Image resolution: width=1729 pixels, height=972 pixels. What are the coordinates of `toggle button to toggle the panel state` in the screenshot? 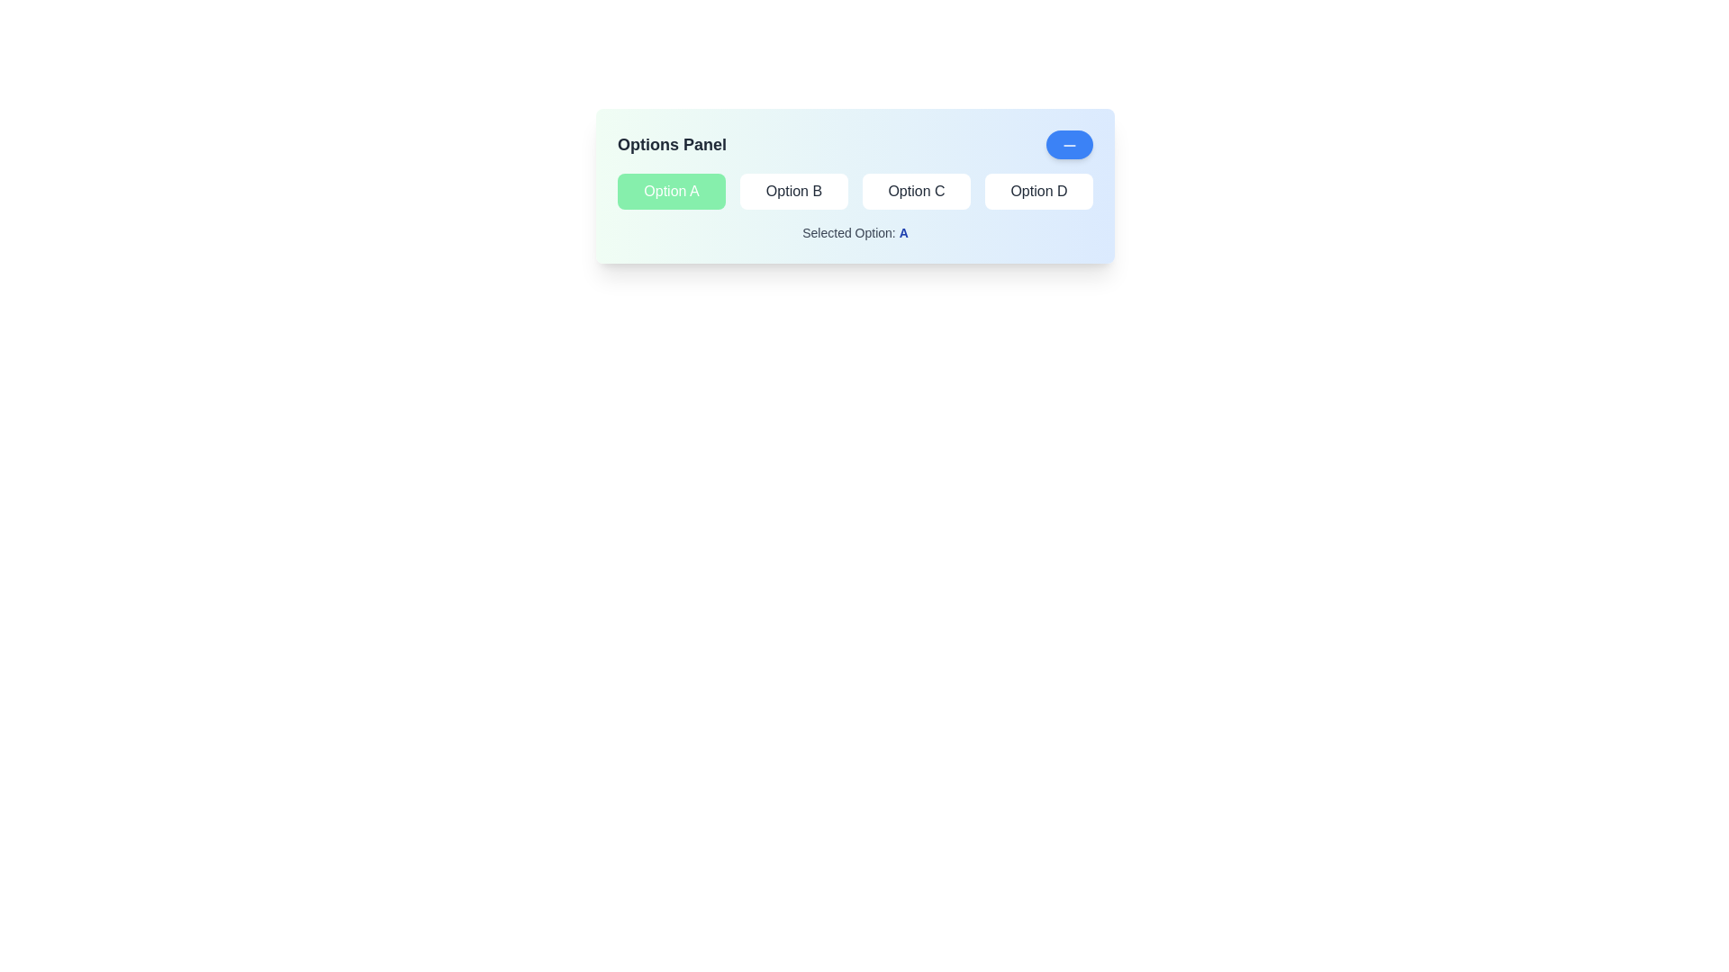 It's located at (1070, 144).